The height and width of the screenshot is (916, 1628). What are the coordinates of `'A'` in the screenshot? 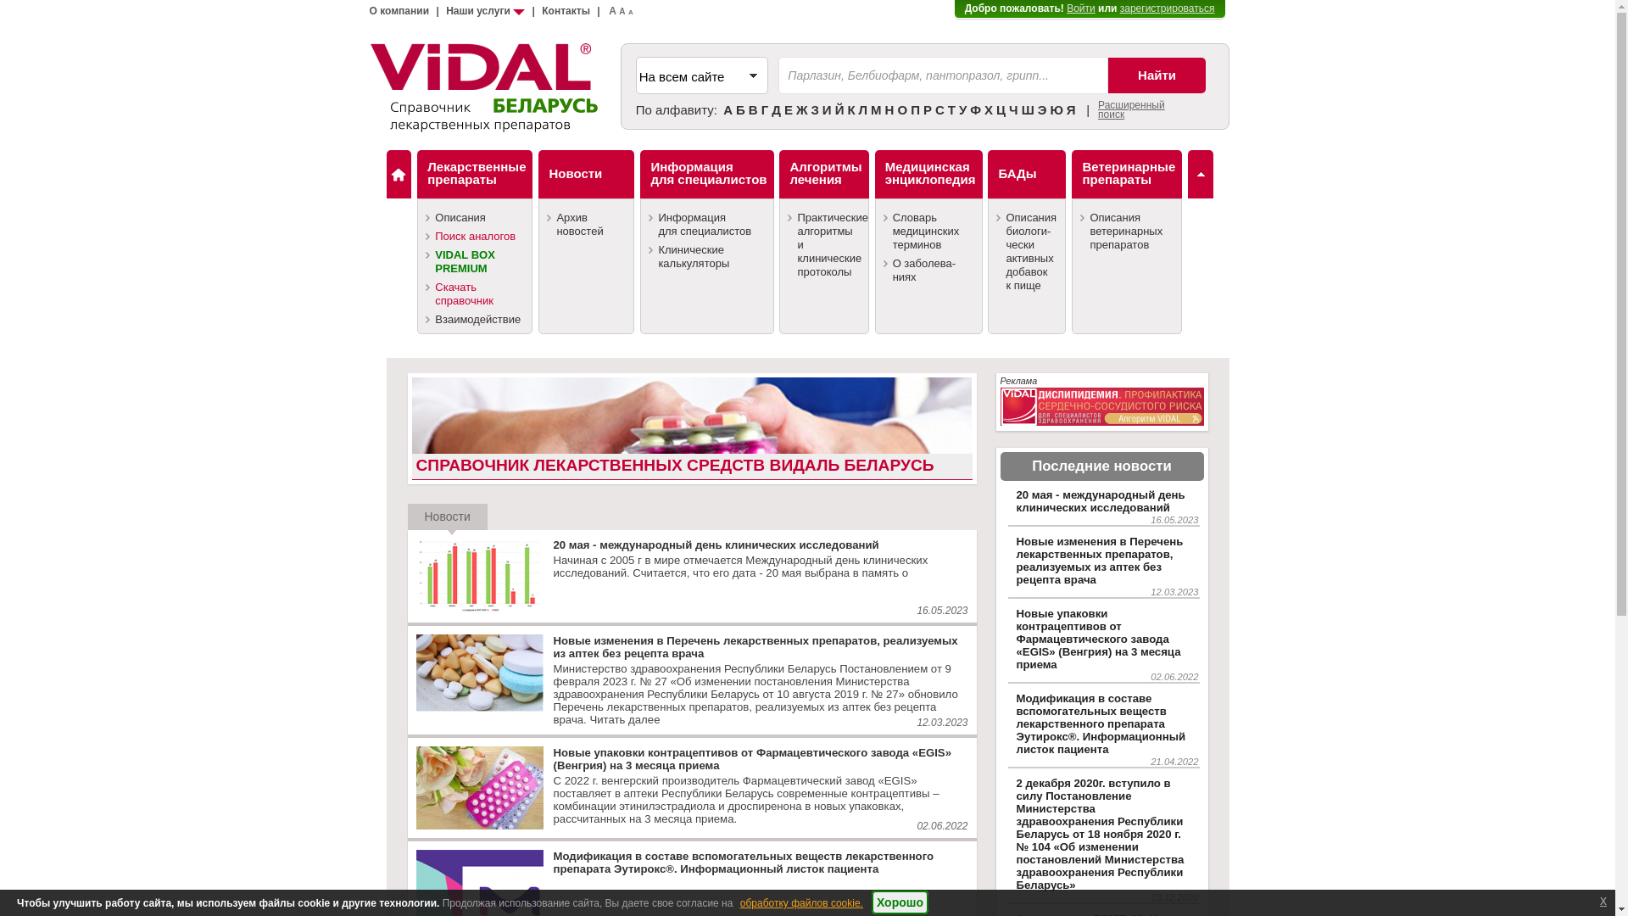 It's located at (611, 10).